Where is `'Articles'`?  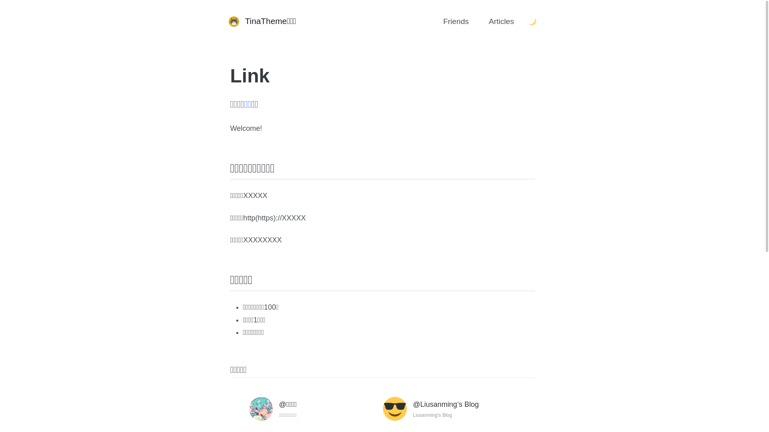 'Articles' is located at coordinates (480, 21).